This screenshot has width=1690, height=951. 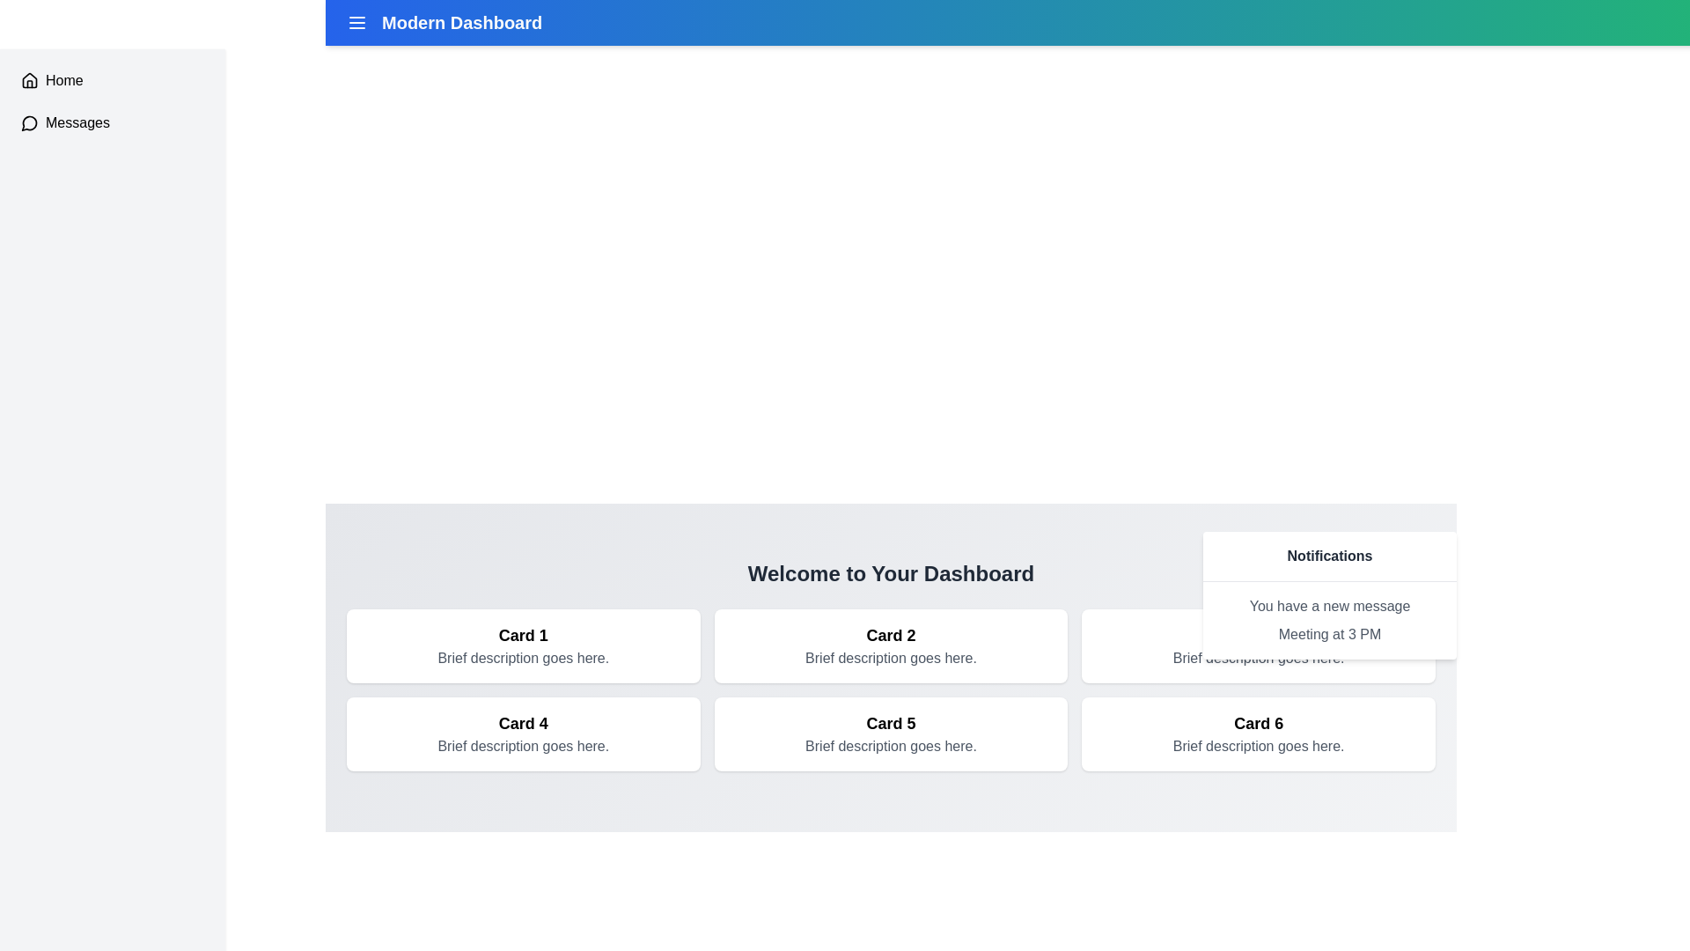 What do you see at coordinates (1258, 659) in the screenshot?
I see `the static text label located beneath the bold header 'Card 3' in the third card of the grid in the top-right area` at bounding box center [1258, 659].